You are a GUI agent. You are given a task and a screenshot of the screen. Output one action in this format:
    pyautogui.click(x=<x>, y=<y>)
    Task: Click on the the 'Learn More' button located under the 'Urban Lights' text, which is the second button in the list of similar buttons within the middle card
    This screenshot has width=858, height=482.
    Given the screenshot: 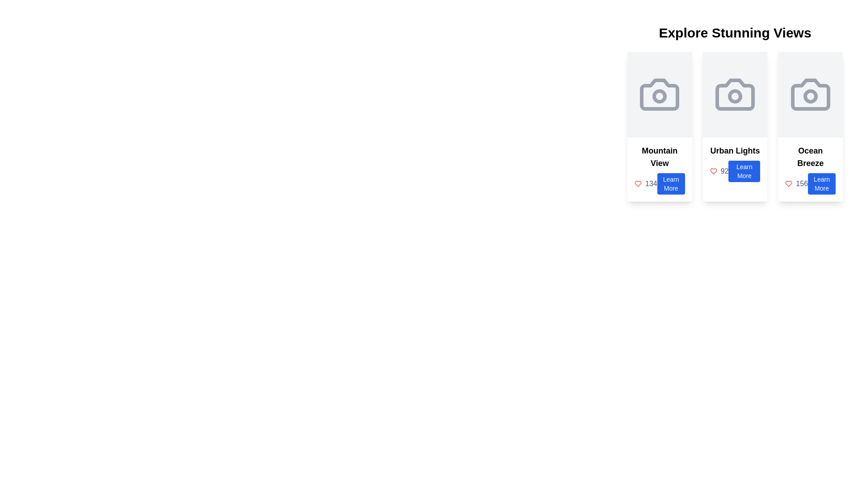 What is the action you would take?
    pyautogui.click(x=735, y=163)
    